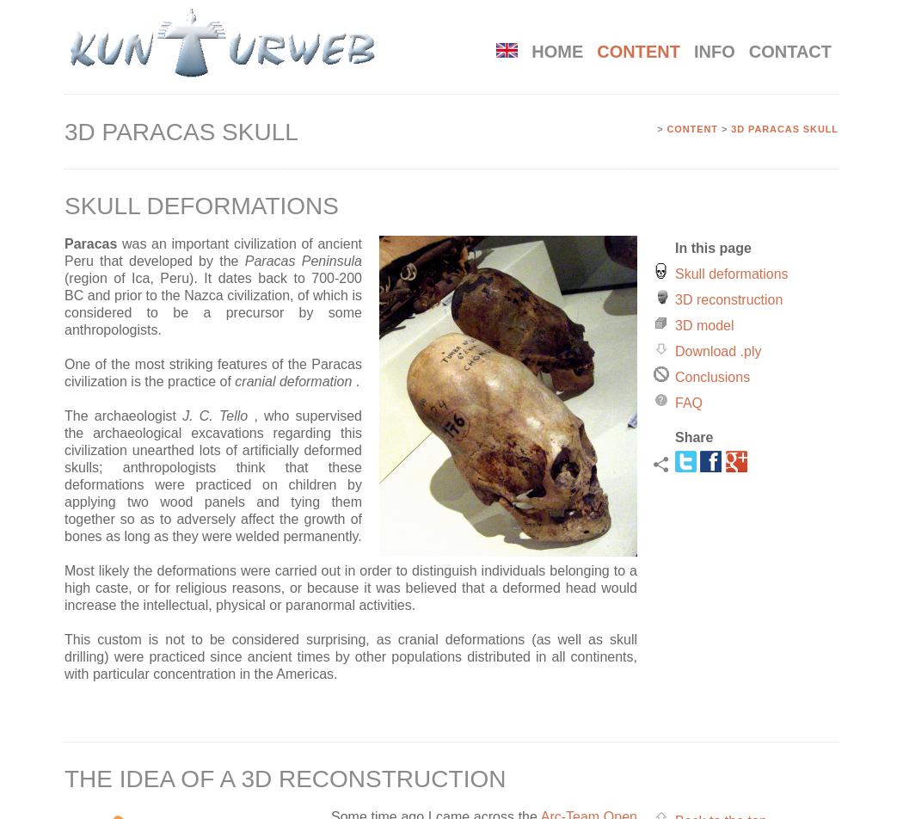 The image size is (903, 819). I want to click on '3D model', so click(703, 324).